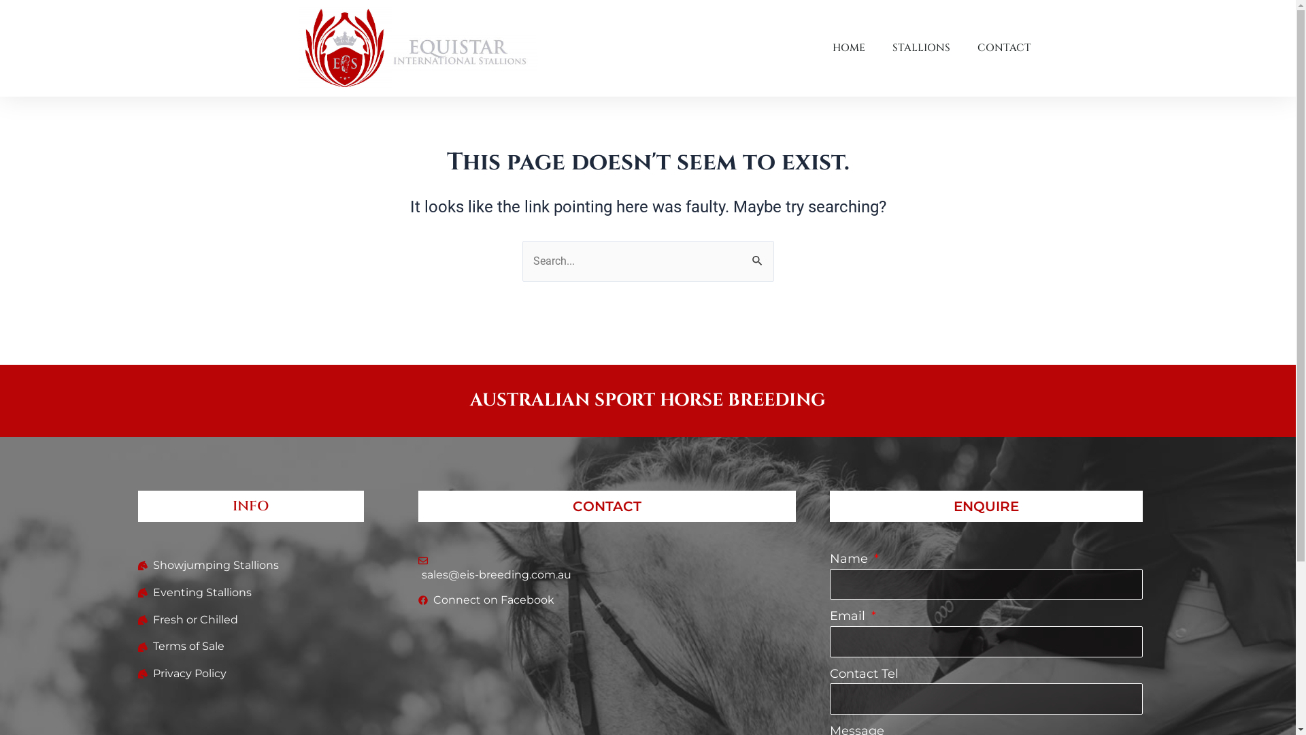  Describe the element at coordinates (848, 47) in the screenshot. I see `'HOME'` at that location.